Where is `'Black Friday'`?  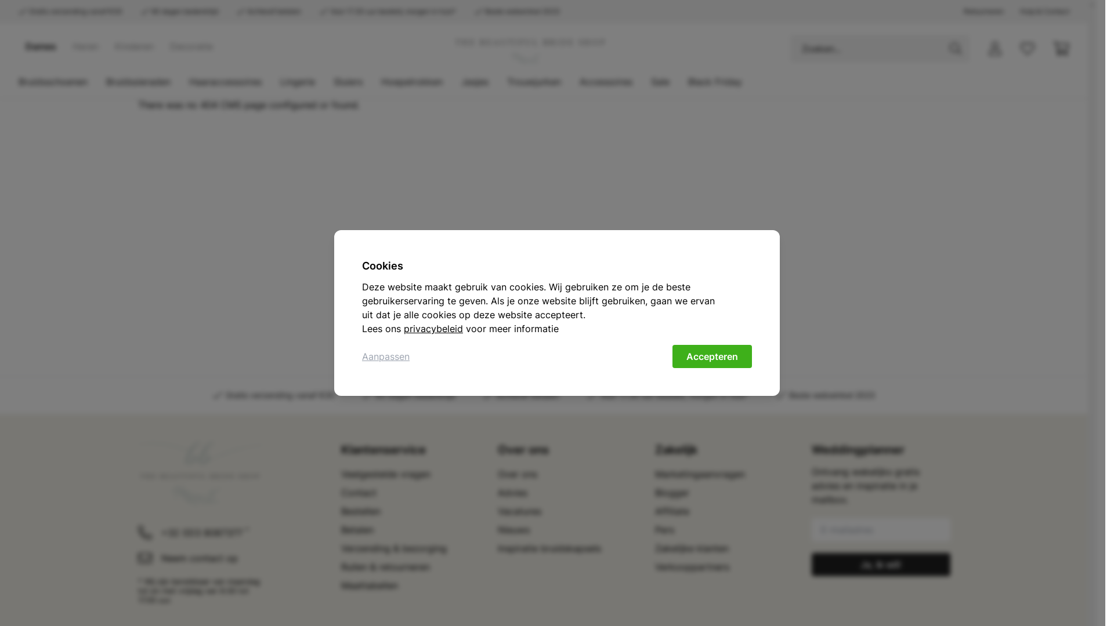
'Black Friday' is located at coordinates (688, 81).